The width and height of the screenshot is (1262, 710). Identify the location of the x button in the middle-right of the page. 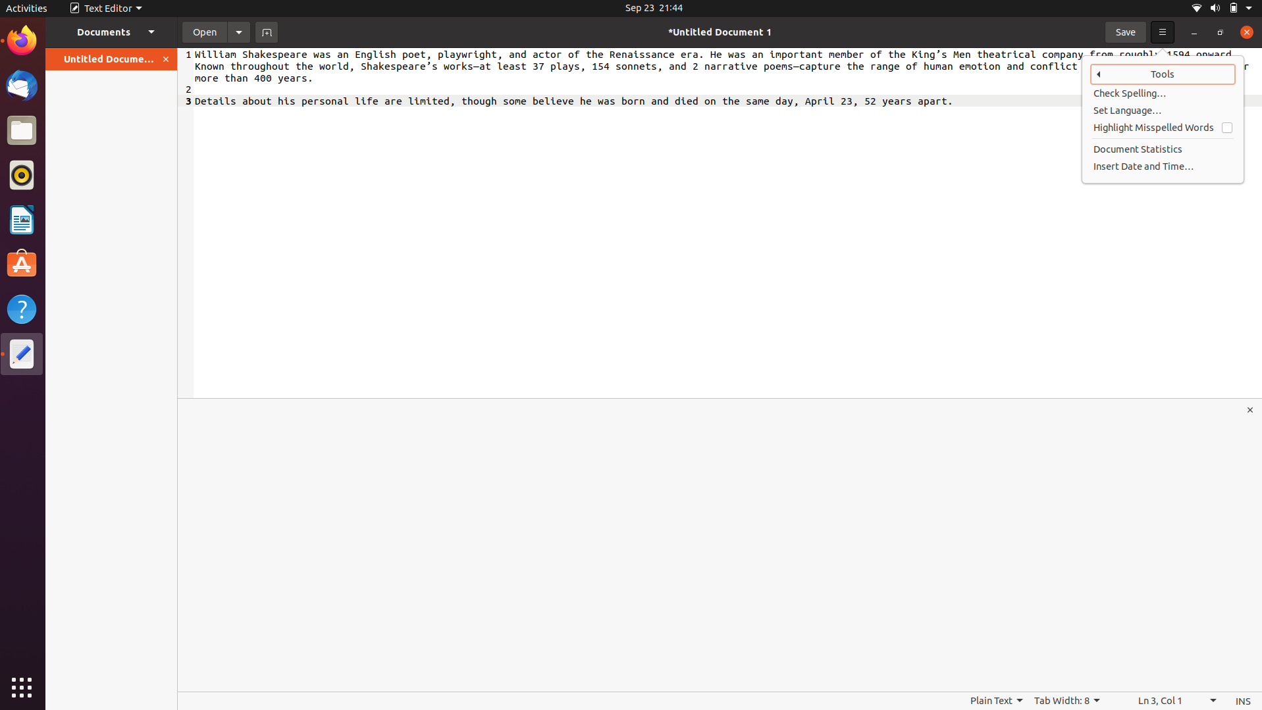
(1251, 409).